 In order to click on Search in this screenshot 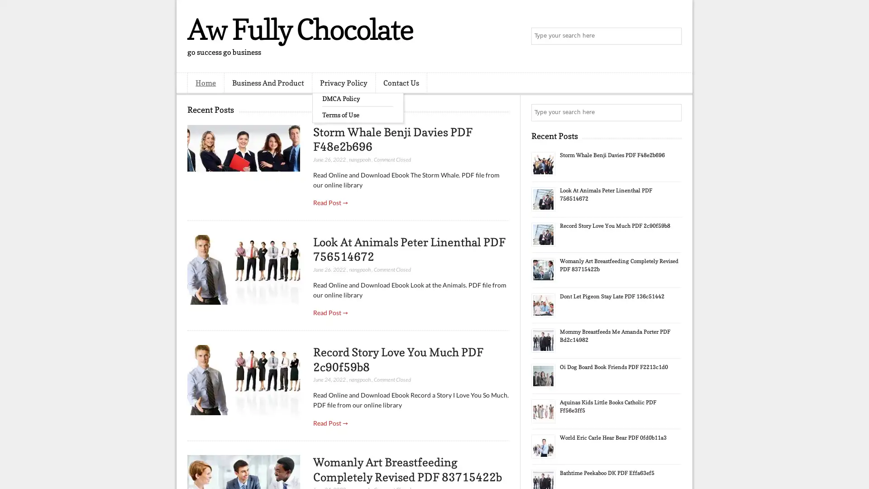, I will do `click(672, 112)`.